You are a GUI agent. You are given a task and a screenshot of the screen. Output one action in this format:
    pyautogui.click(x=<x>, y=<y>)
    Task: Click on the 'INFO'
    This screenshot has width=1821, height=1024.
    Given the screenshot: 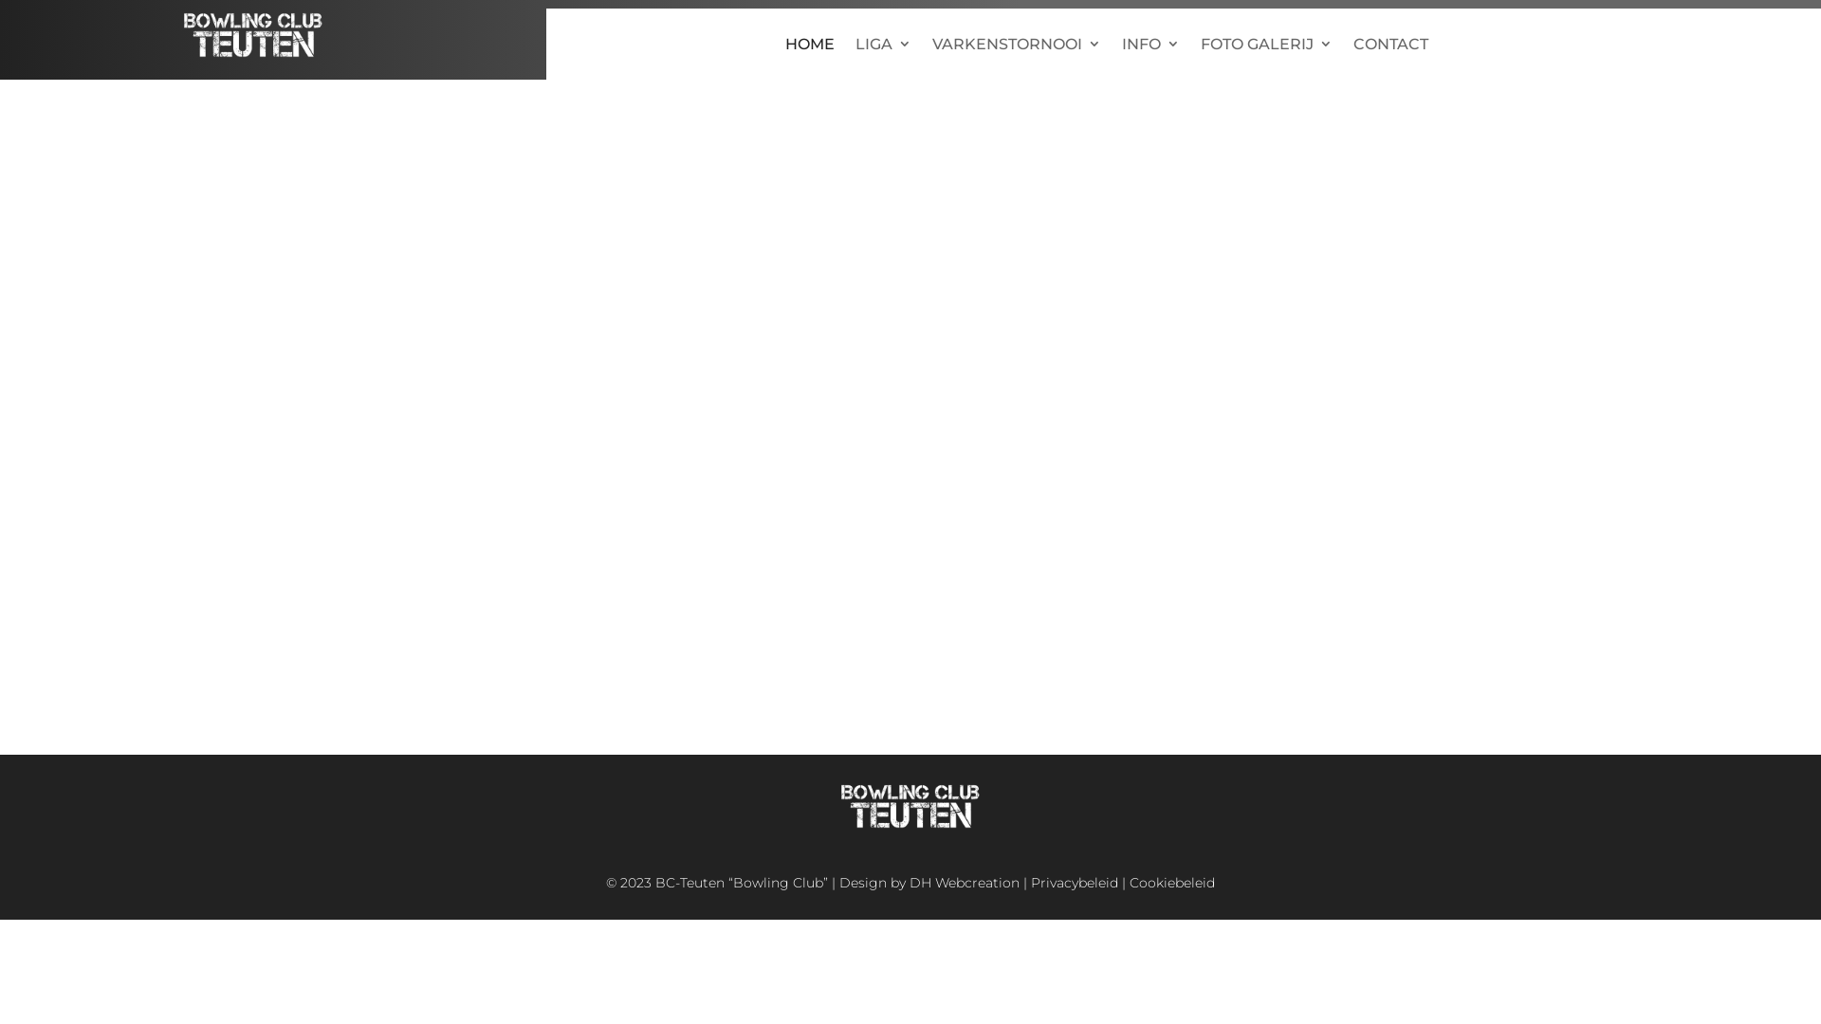 What is the action you would take?
    pyautogui.click(x=1121, y=46)
    